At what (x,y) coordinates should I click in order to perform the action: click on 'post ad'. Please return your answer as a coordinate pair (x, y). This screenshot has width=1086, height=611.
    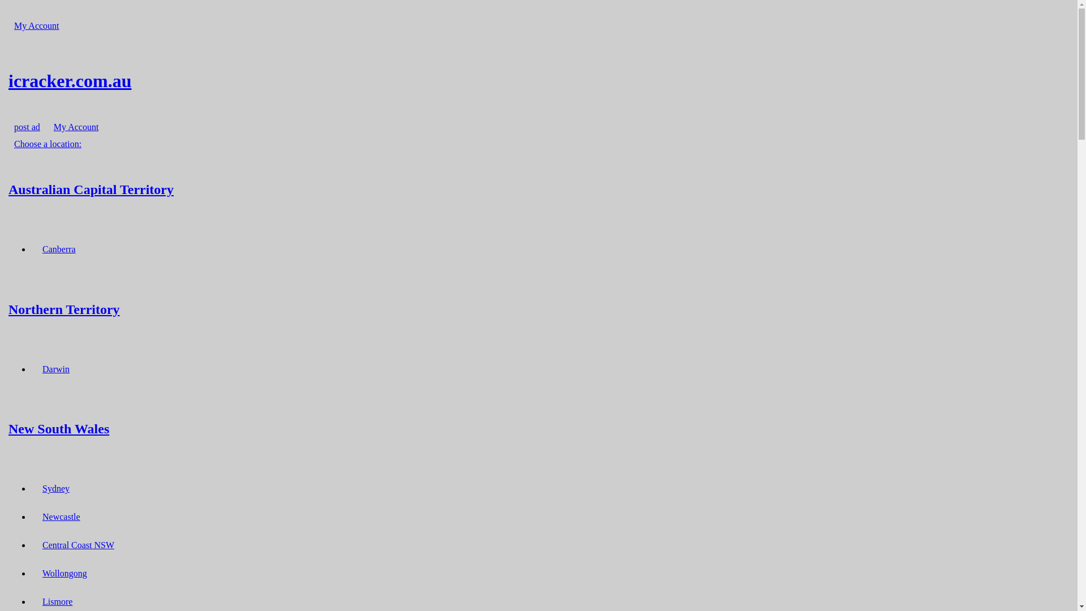
    Looking at the image, I should click on (27, 127).